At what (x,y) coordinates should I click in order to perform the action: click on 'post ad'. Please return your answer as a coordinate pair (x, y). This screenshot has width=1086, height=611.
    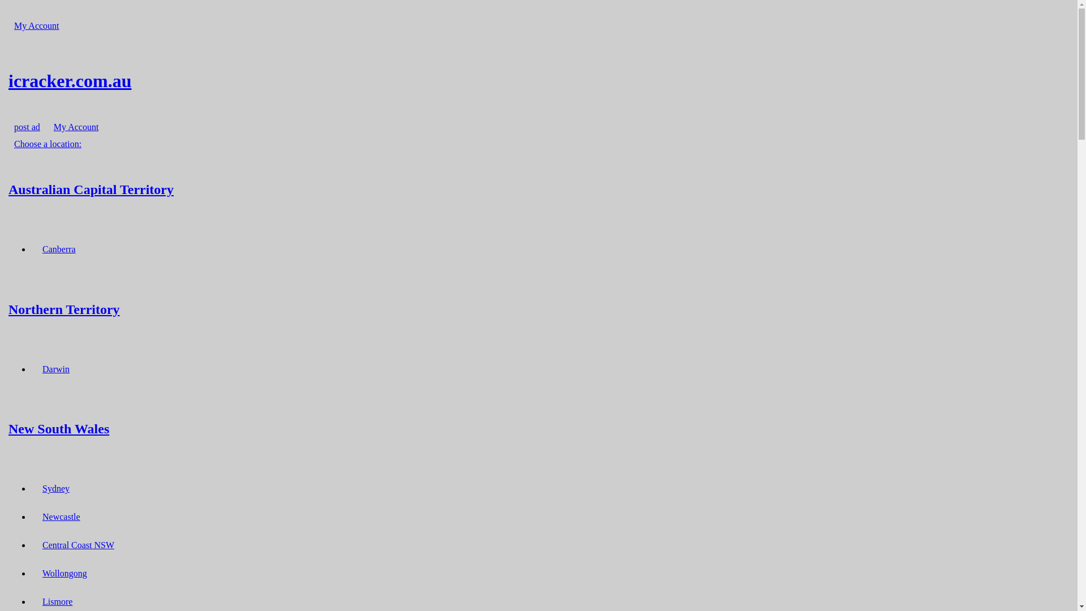
    Looking at the image, I should click on (27, 127).